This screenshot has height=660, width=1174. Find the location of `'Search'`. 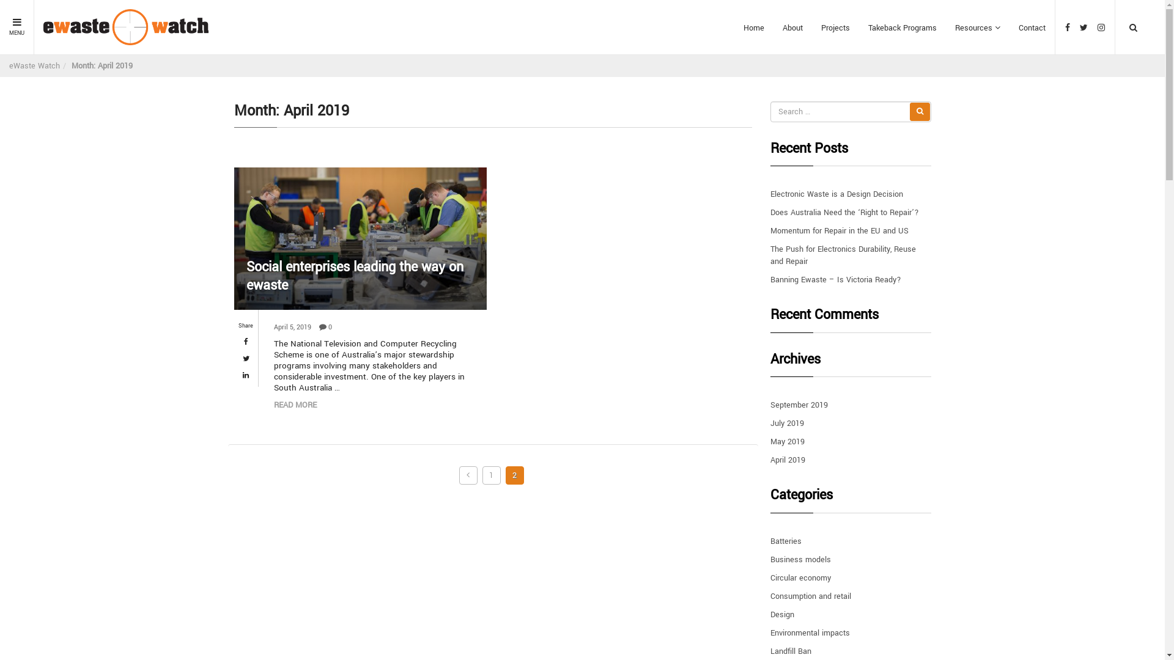

'Search' is located at coordinates (1101, 56).